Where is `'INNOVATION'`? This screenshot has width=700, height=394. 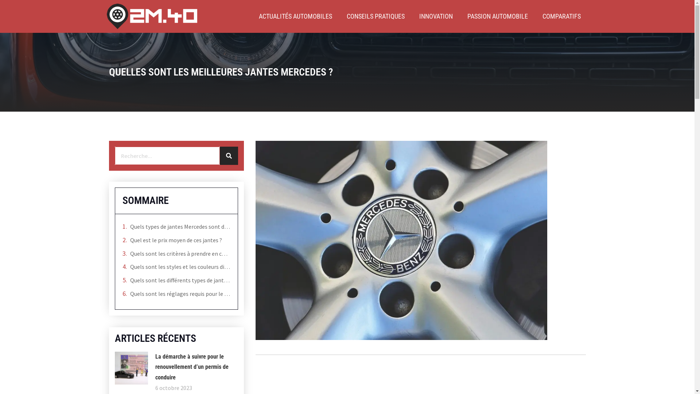
'INNOVATION' is located at coordinates (436, 16).